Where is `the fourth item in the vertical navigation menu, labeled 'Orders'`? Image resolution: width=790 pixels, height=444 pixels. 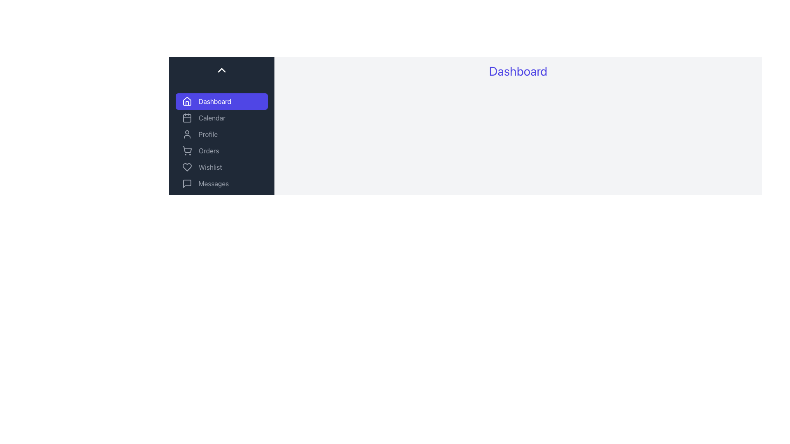 the fourth item in the vertical navigation menu, labeled 'Orders' is located at coordinates (221, 150).